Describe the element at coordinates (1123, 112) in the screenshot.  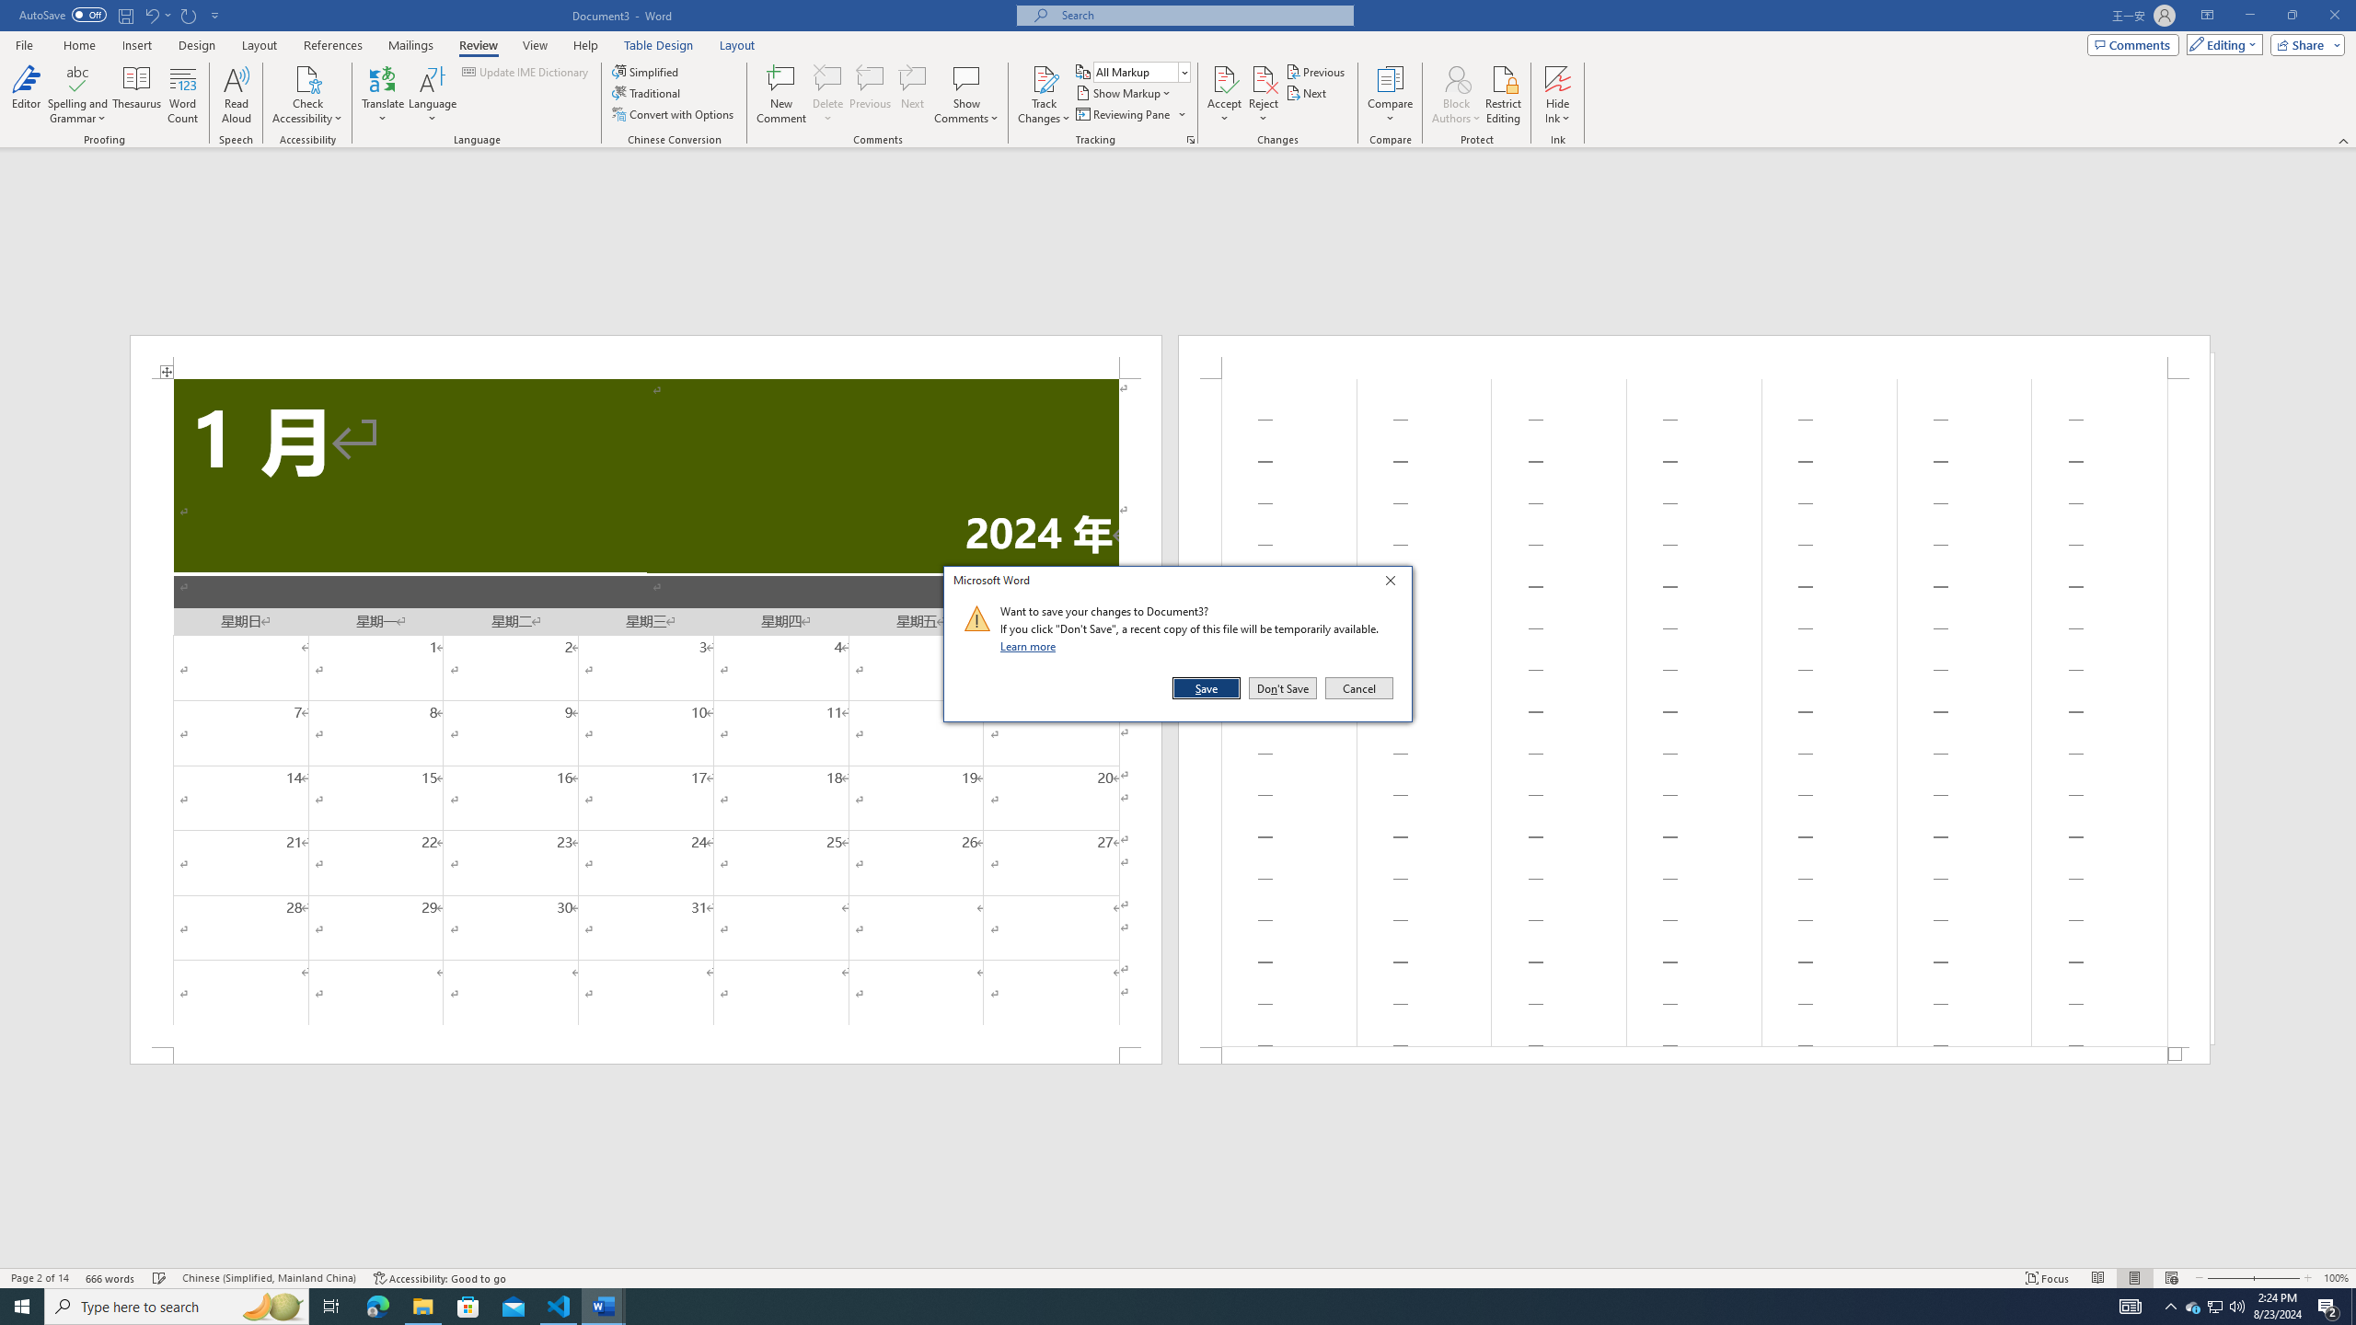
I see `'Reviewing Pane'` at that location.